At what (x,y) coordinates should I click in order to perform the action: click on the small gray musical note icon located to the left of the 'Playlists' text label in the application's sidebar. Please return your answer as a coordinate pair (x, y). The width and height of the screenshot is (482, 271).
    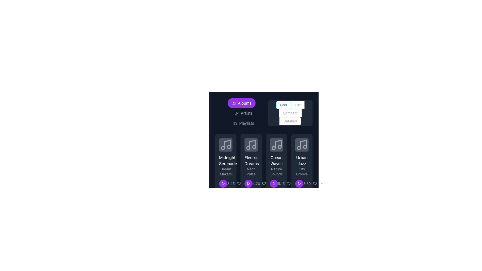
    Looking at the image, I should click on (235, 123).